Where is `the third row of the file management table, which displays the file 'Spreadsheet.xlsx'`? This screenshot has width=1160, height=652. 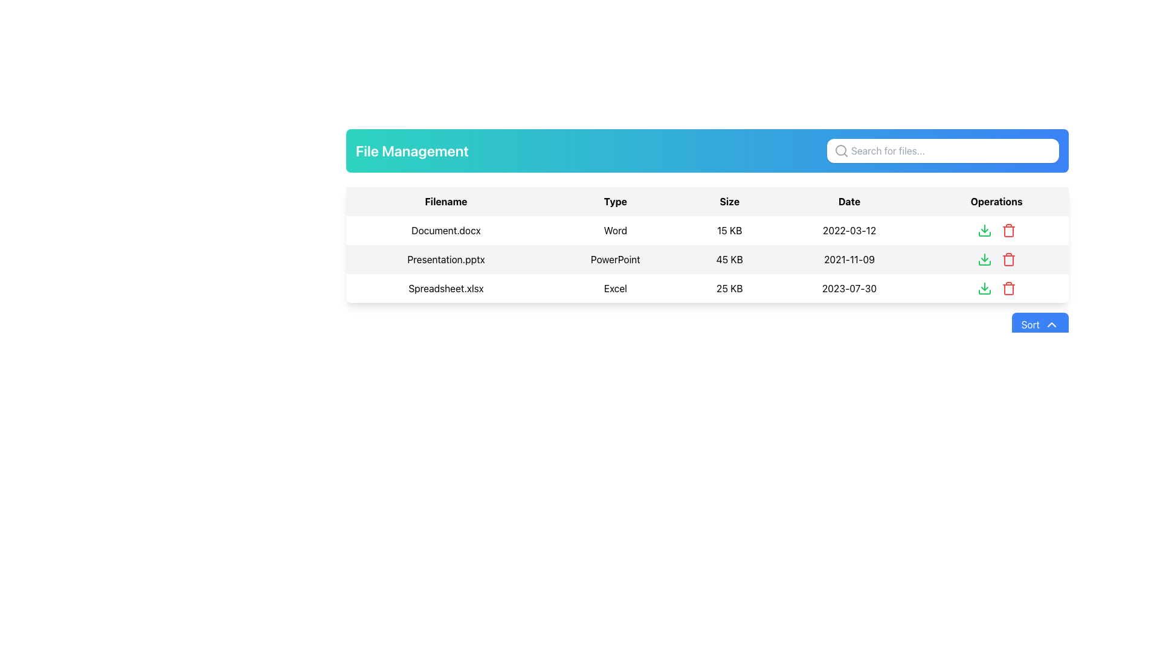
the third row of the file management table, which displays the file 'Spreadsheet.xlsx' is located at coordinates (707, 289).